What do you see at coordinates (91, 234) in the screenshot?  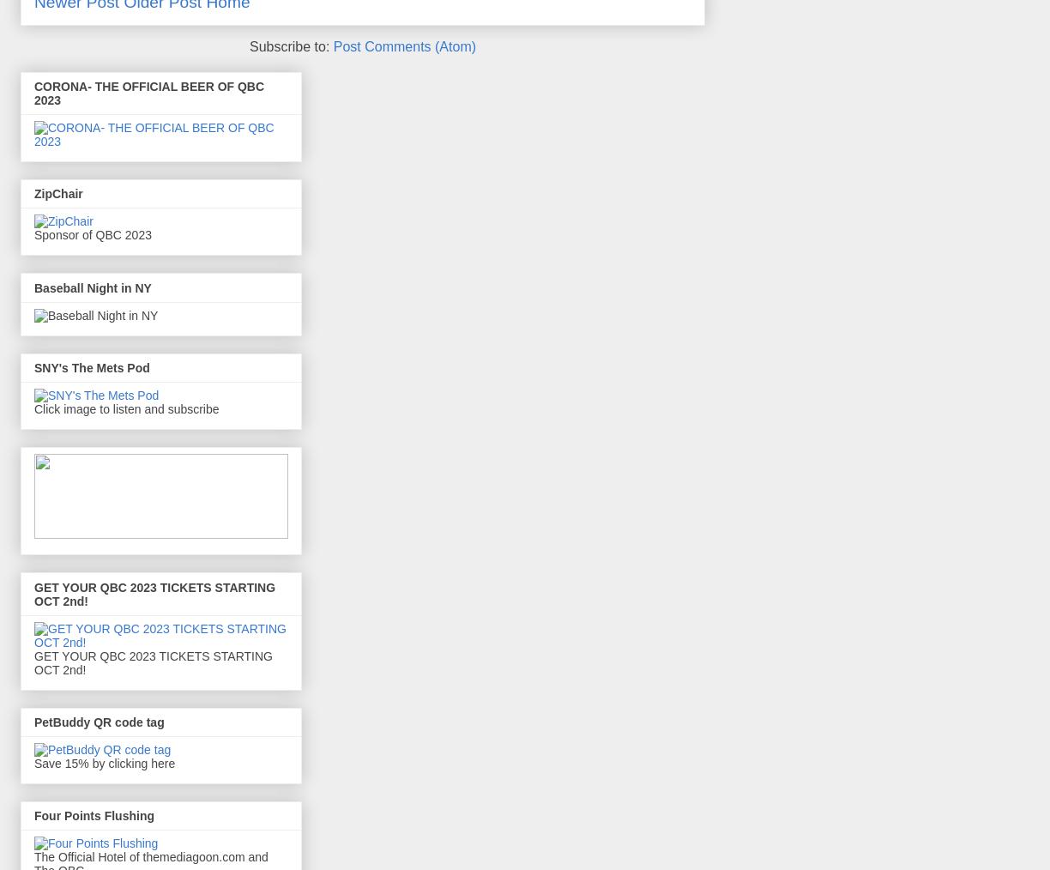 I see `'Sponsor of QBC 2023'` at bounding box center [91, 234].